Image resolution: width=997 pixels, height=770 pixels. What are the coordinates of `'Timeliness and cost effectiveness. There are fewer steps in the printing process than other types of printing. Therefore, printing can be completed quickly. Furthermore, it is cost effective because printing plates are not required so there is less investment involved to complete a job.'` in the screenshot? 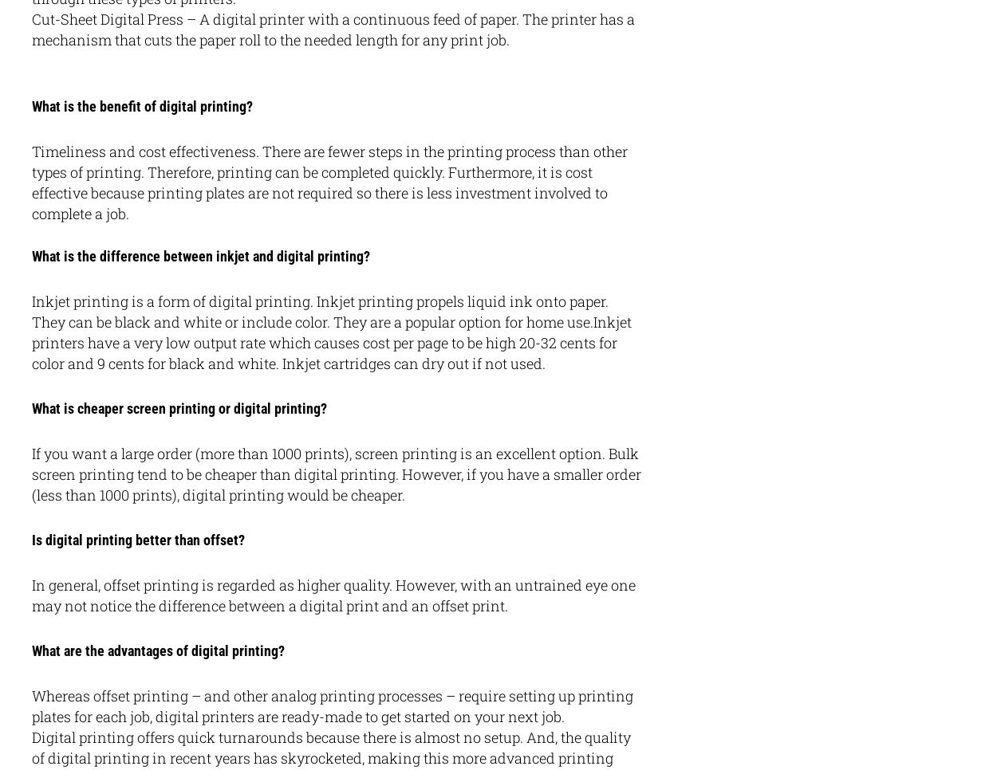 It's located at (329, 182).